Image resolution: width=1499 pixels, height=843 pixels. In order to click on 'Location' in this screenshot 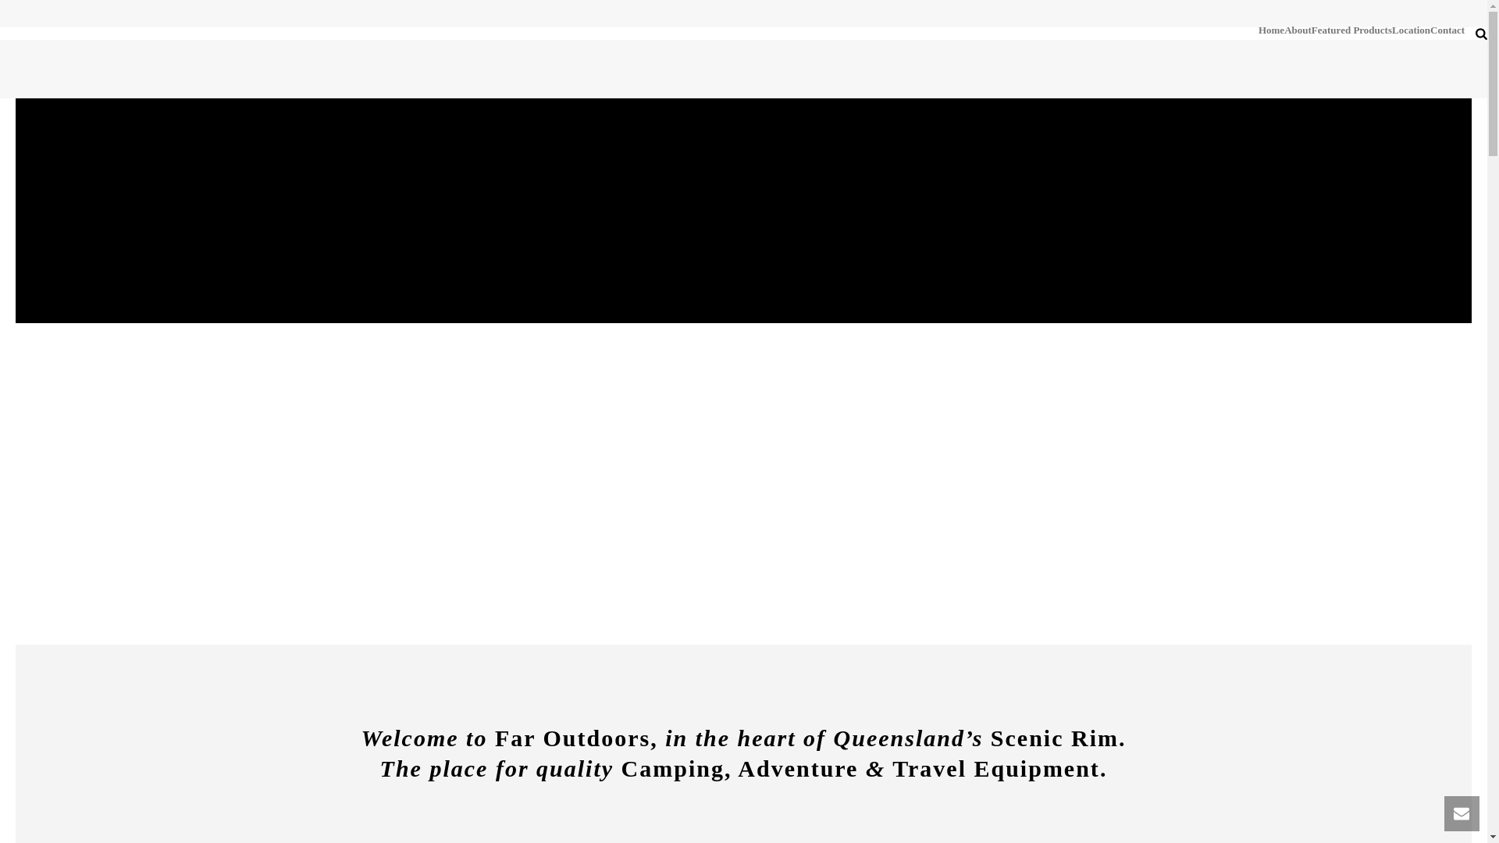, I will do `click(1411, 30)`.